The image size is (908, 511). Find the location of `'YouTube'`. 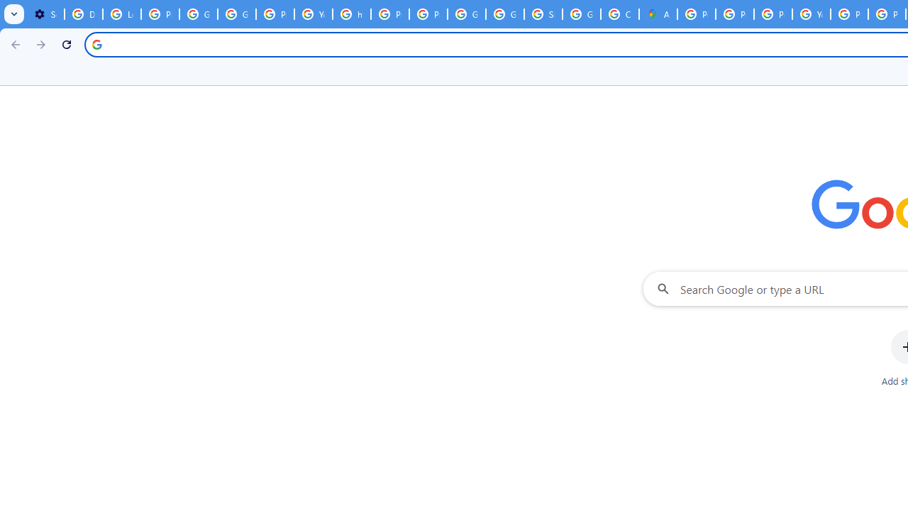

'YouTube' is located at coordinates (812, 14).